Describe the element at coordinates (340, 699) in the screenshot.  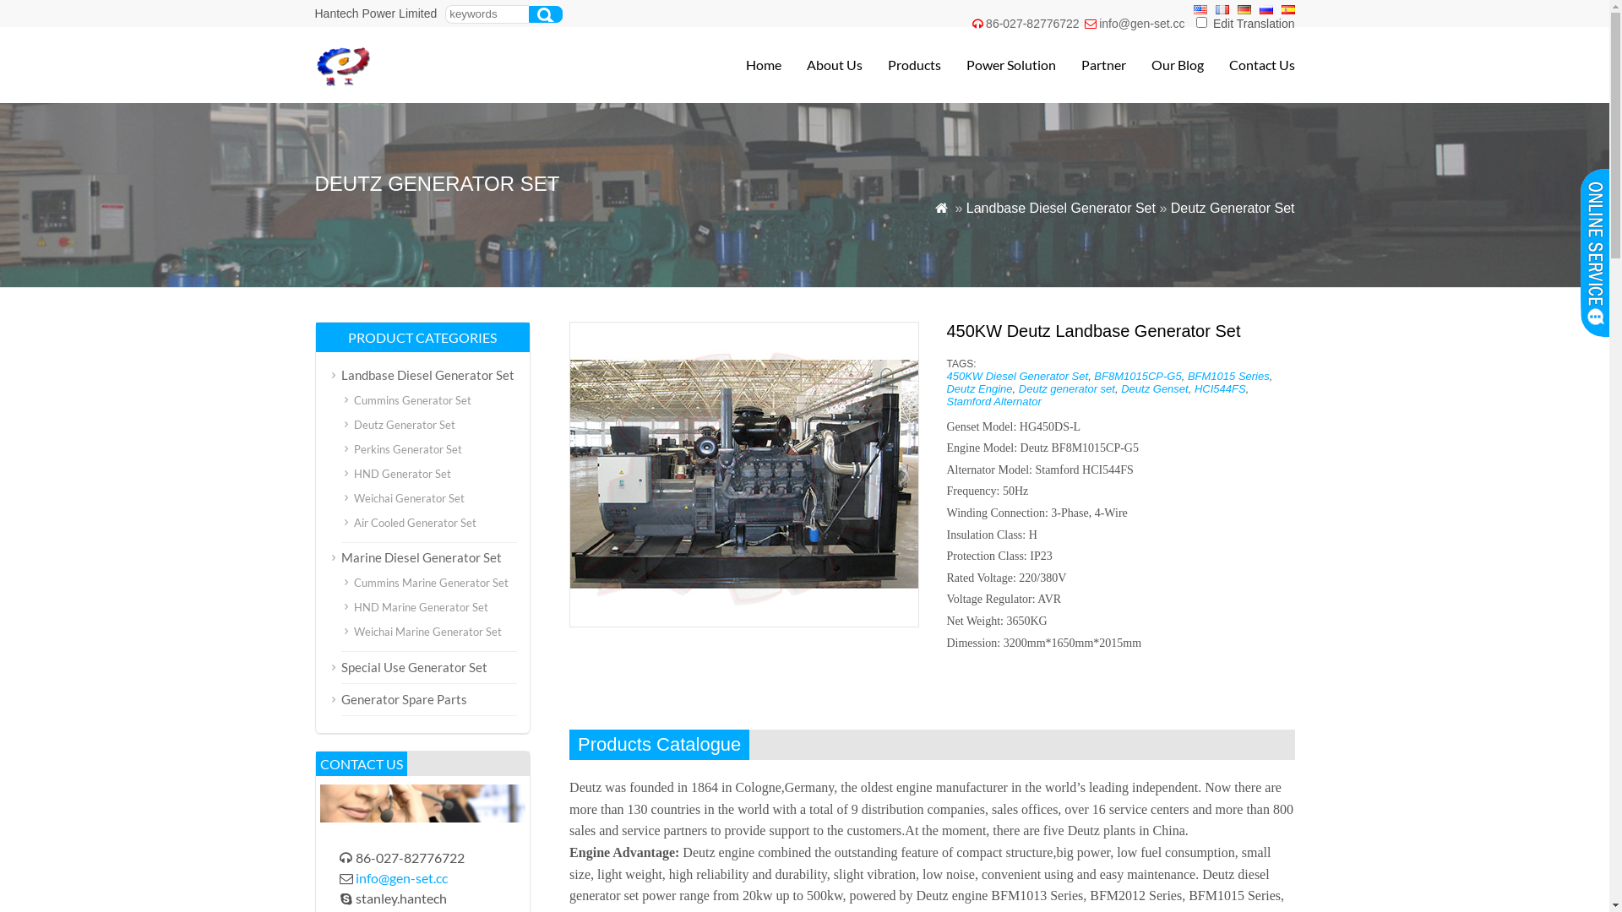
I see `'Generator Spare Parts'` at that location.